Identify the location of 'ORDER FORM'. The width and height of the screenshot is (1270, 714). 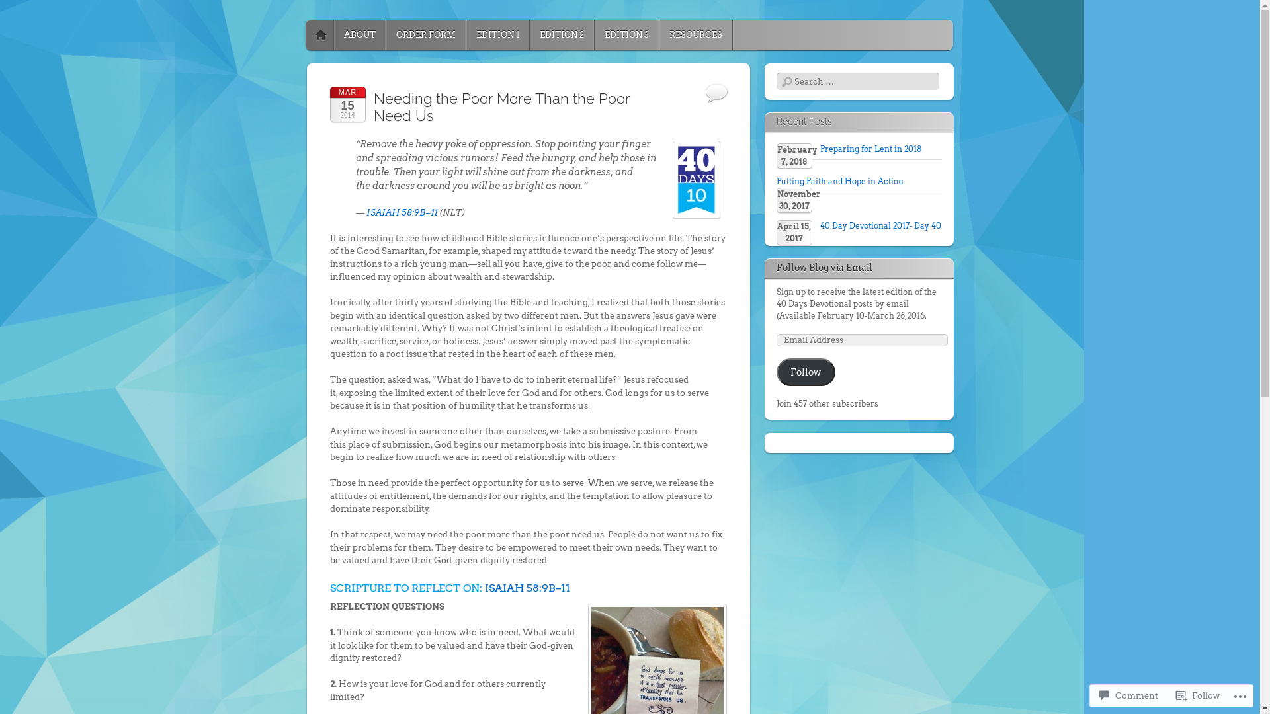
(425, 34).